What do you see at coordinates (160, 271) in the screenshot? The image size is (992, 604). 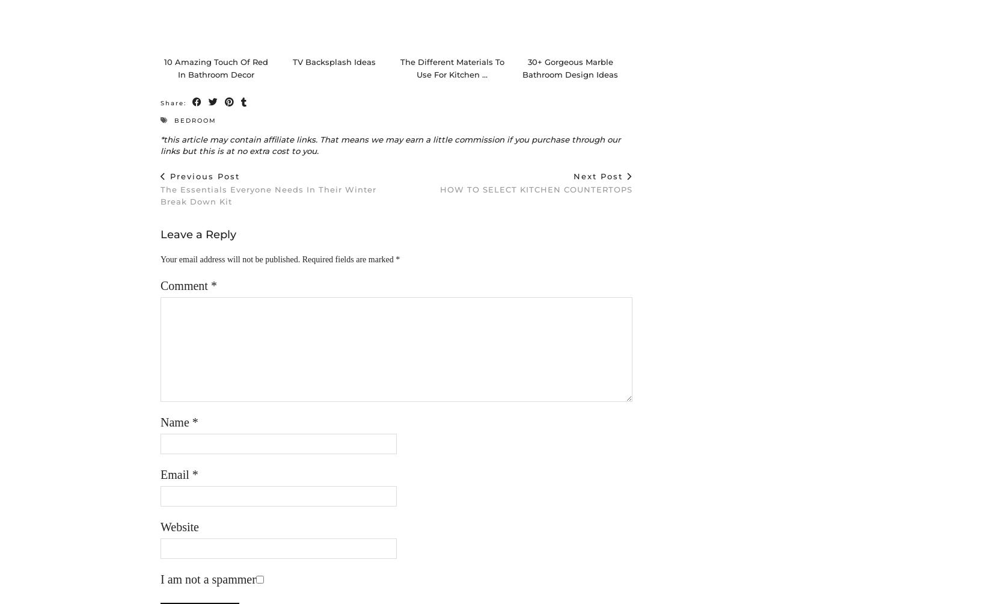 I see `'Your email address will not be published.'` at bounding box center [160, 271].